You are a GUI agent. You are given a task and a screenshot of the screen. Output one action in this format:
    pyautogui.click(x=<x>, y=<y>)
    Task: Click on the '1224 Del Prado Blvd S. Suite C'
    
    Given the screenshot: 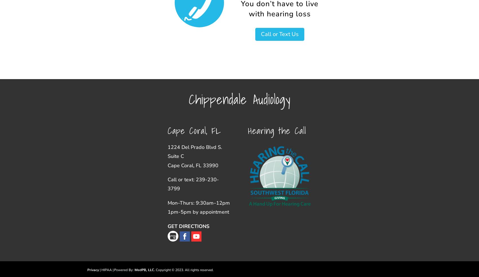 What is the action you would take?
    pyautogui.click(x=194, y=151)
    